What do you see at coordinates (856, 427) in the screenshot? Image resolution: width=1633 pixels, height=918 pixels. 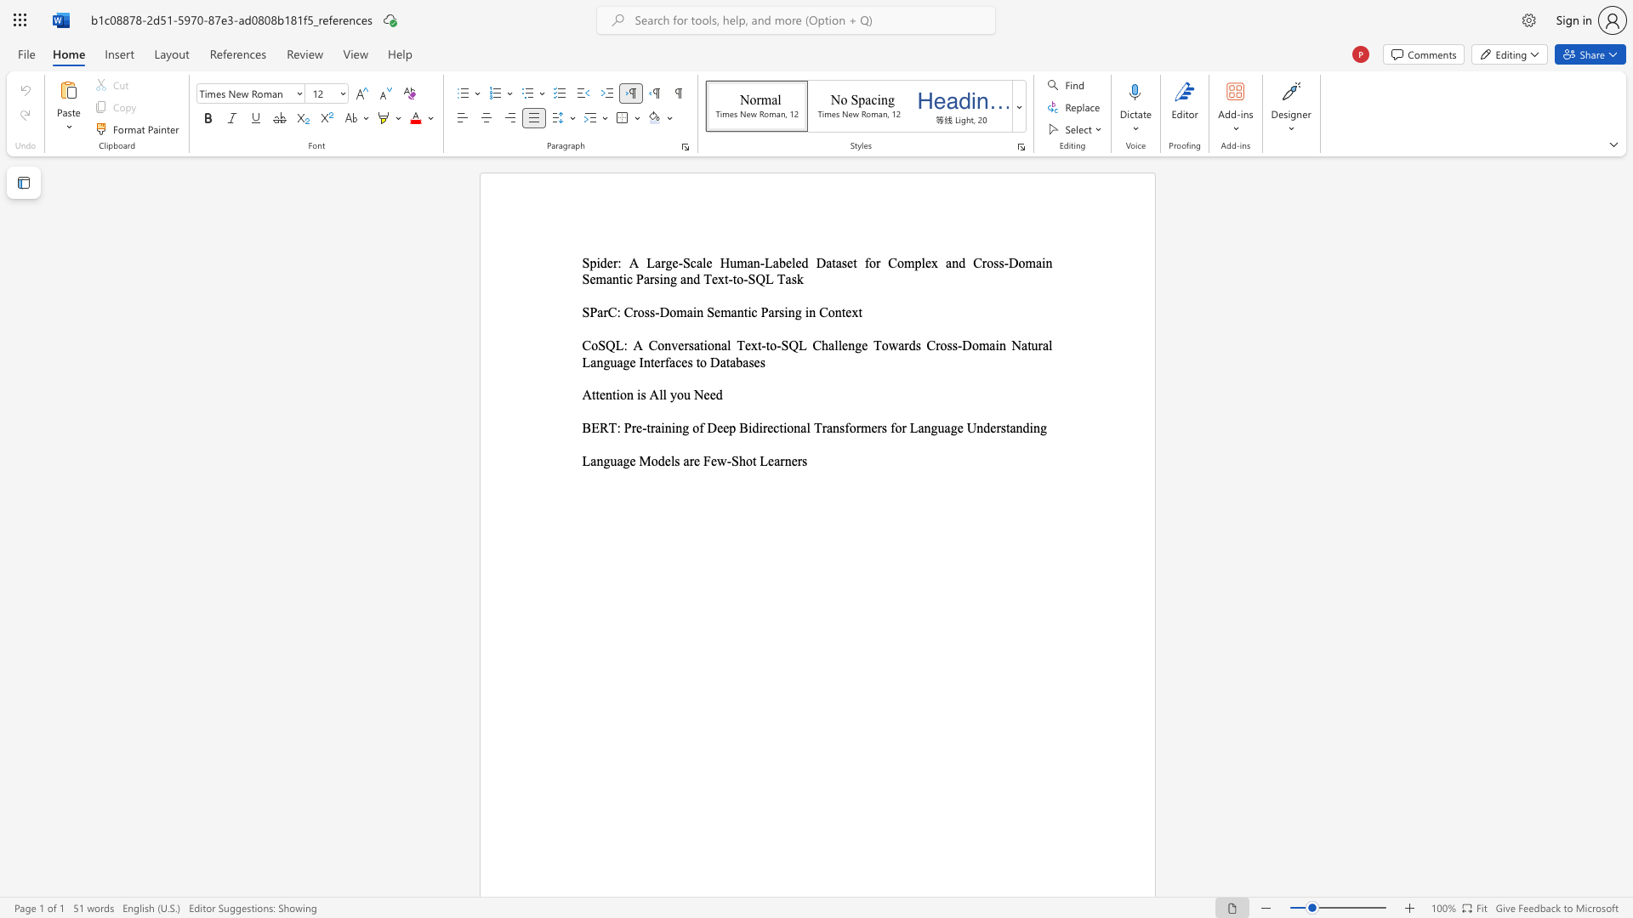 I see `the subset text "rmers" within the text "BERT: Pre-training of Deep Bidirectional Transformers for Language Understanding"` at bounding box center [856, 427].